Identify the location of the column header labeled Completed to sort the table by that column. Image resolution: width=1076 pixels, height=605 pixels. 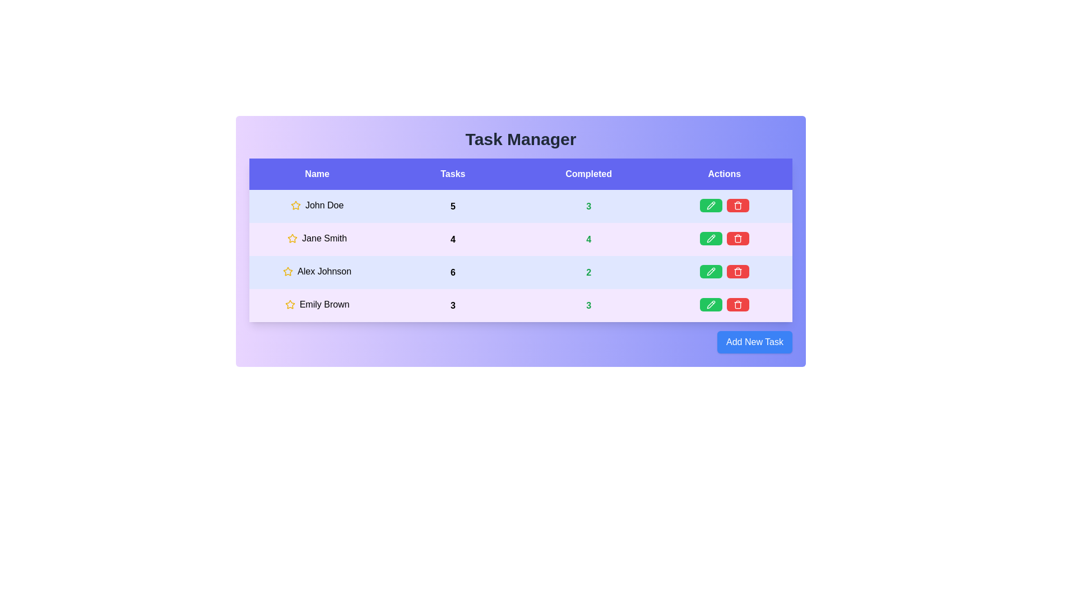
(588, 174).